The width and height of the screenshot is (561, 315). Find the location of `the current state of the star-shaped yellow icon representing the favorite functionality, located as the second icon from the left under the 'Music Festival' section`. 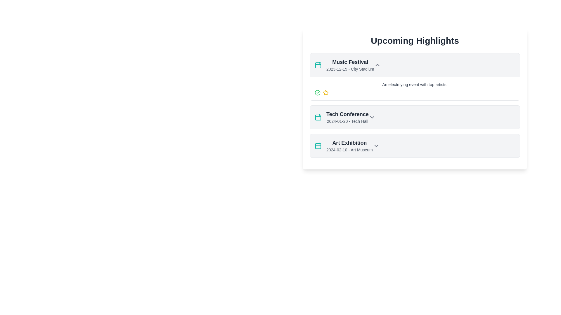

the current state of the star-shaped yellow icon representing the favorite functionality, located as the second icon from the left under the 'Music Festival' section is located at coordinates (325, 92).